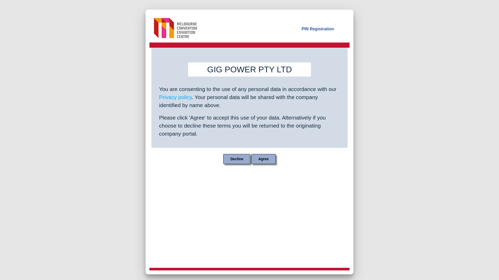 Image resolution: width=499 pixels, height=280 pixels. Describe the element at coordinates (237, 159) in the screenshot. I see `'Decline'` at that location.